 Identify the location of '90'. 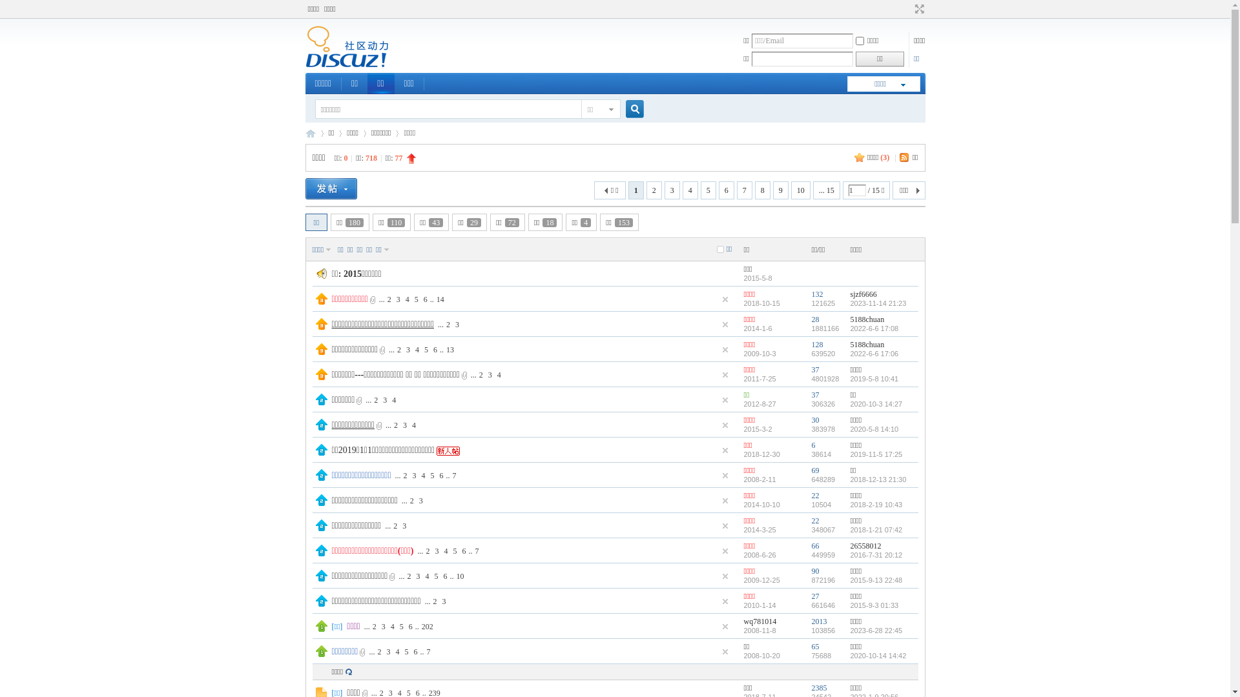
(811, 570).